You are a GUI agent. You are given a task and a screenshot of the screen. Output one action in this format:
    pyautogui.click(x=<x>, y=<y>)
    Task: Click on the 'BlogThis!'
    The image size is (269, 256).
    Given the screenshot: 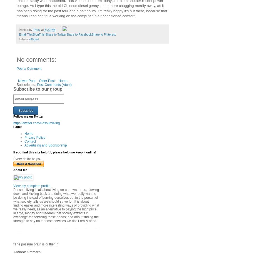 What is the action you would take?
    pyautogui.click(x=39, y=34)
    